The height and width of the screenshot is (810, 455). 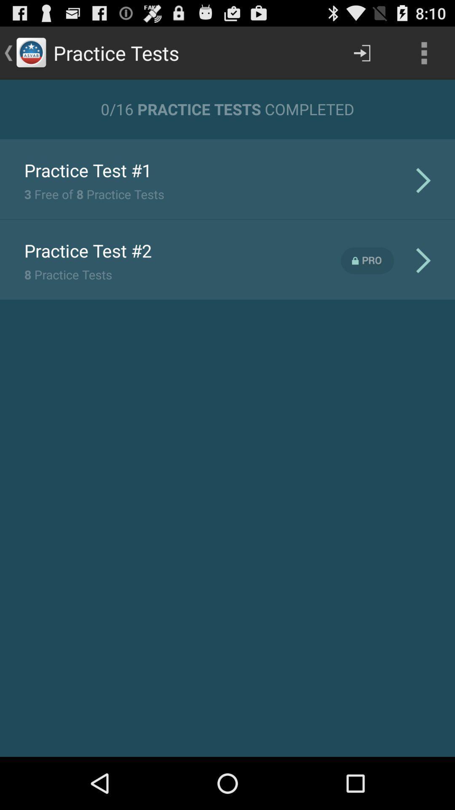 I want to click on the app above practice test #2 icon, so click(x=94, y=194).